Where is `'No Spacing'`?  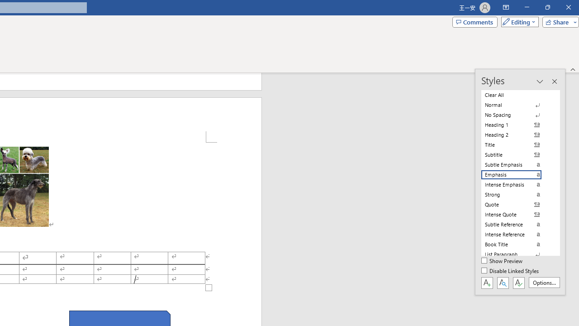
'No Spacing' is located at coordinates (517, 115).